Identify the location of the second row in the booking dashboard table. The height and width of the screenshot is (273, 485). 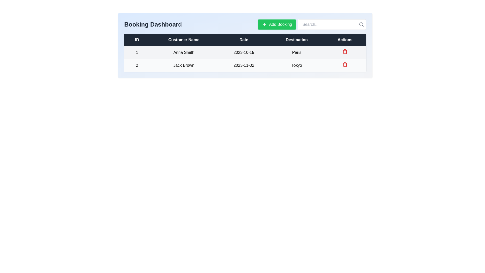
(245, 65).